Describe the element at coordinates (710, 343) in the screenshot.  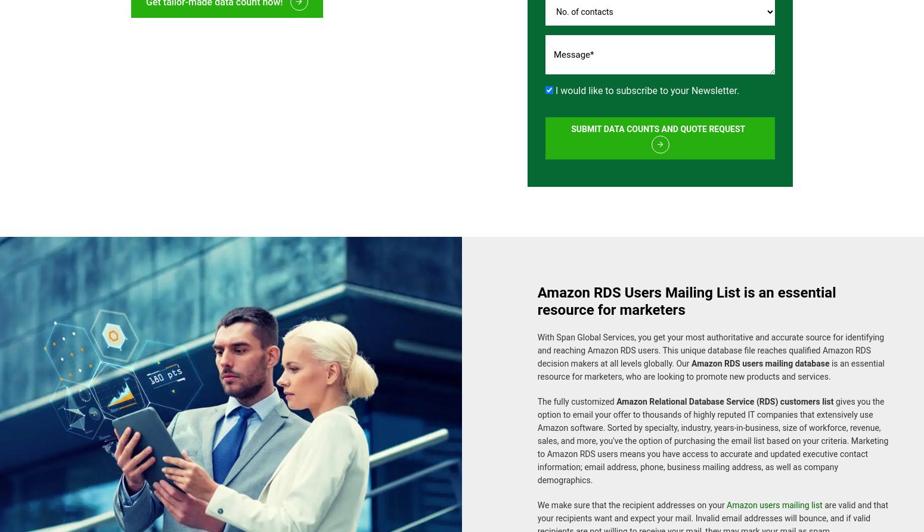
I see `'With Span Global Services, you get your most authoritative and accurate source for identifying and reaching Amazon RDS users. This unique database file reaches qualified Amazon RDS decision makers at all levels globally. Our'` at that location.